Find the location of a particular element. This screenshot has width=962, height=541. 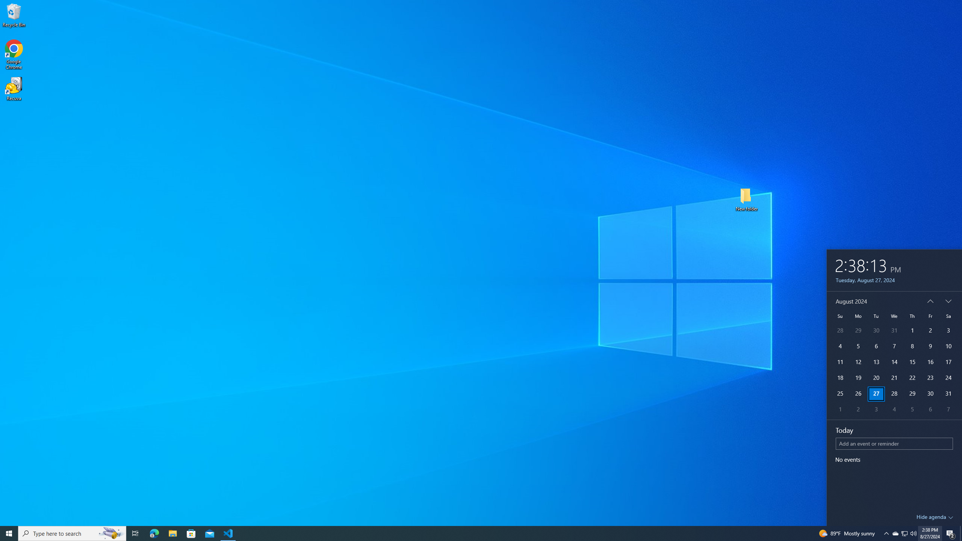

'16' is located at coordinates (930, 362).